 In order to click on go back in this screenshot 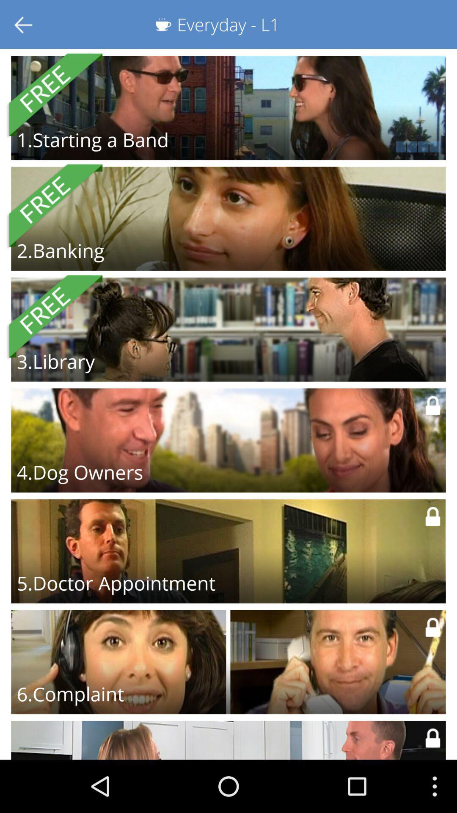, I will do `click(24, 24)`.